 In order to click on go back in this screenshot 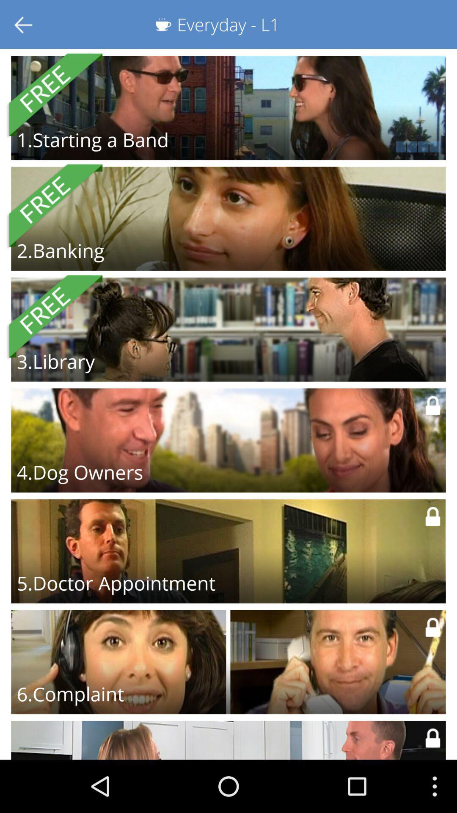, I will do `click(24, 24)`.